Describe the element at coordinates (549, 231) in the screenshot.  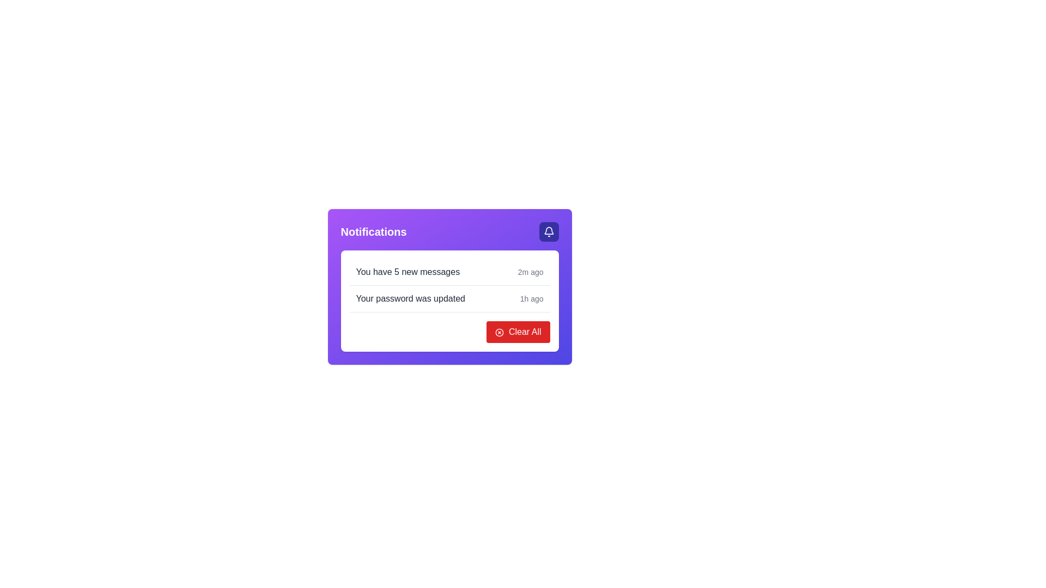
I see `the notification button with an icon located in the upper right corner of the notification card` at that location.